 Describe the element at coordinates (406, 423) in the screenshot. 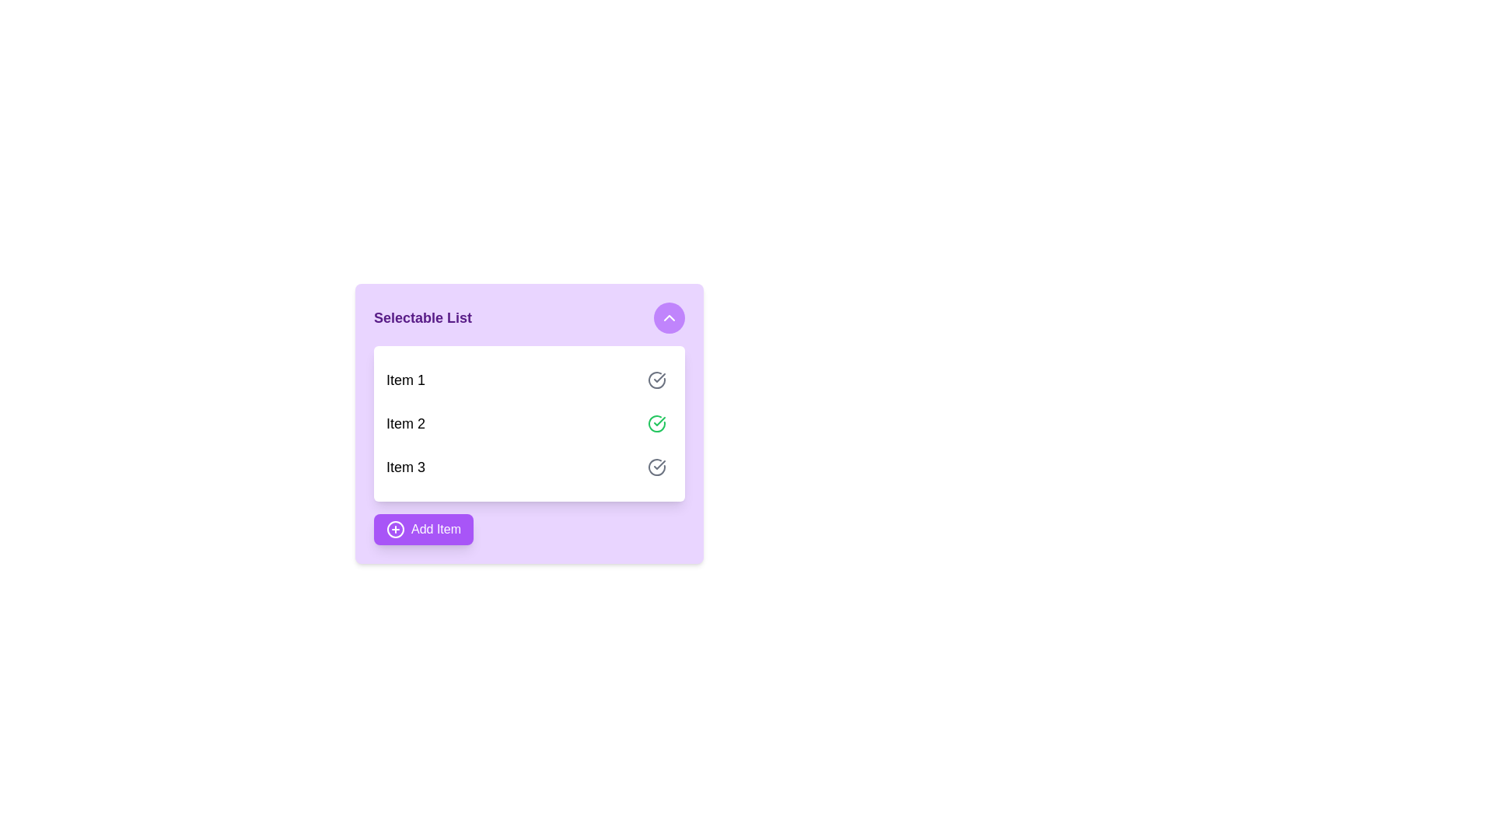

I see `the text label displaying 'Item 2' located in the selectable list, positioned below 'Item 1' and above 'Item 3'` at that location.